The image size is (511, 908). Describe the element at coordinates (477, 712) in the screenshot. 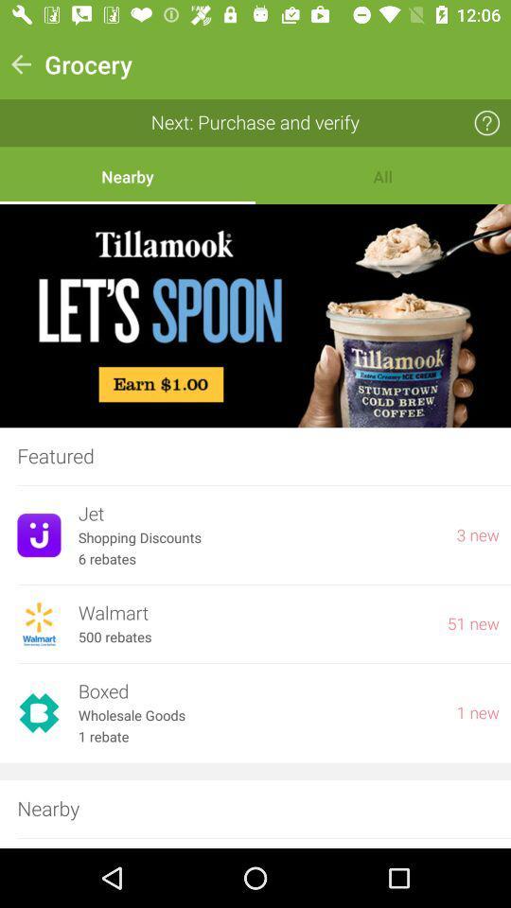

I see `the item next to boxed item` at that location.